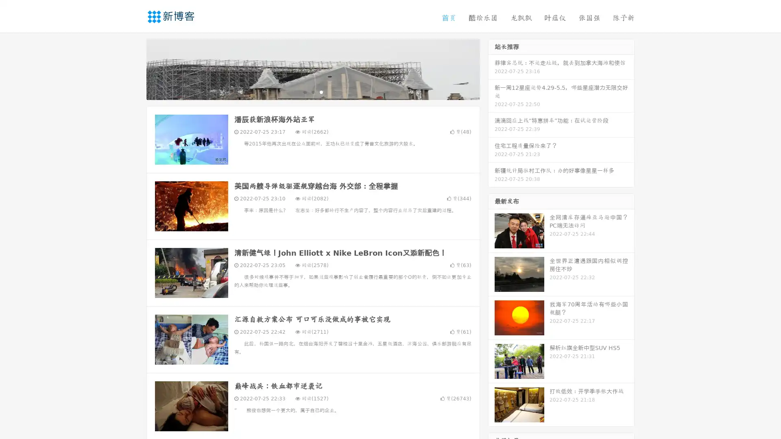 The height and width of the screenshot is (439, 781). What do you see at coordinates (312, 91) in the screenshot?
I see `Go to slide 2` at bounding box center [312, 91].